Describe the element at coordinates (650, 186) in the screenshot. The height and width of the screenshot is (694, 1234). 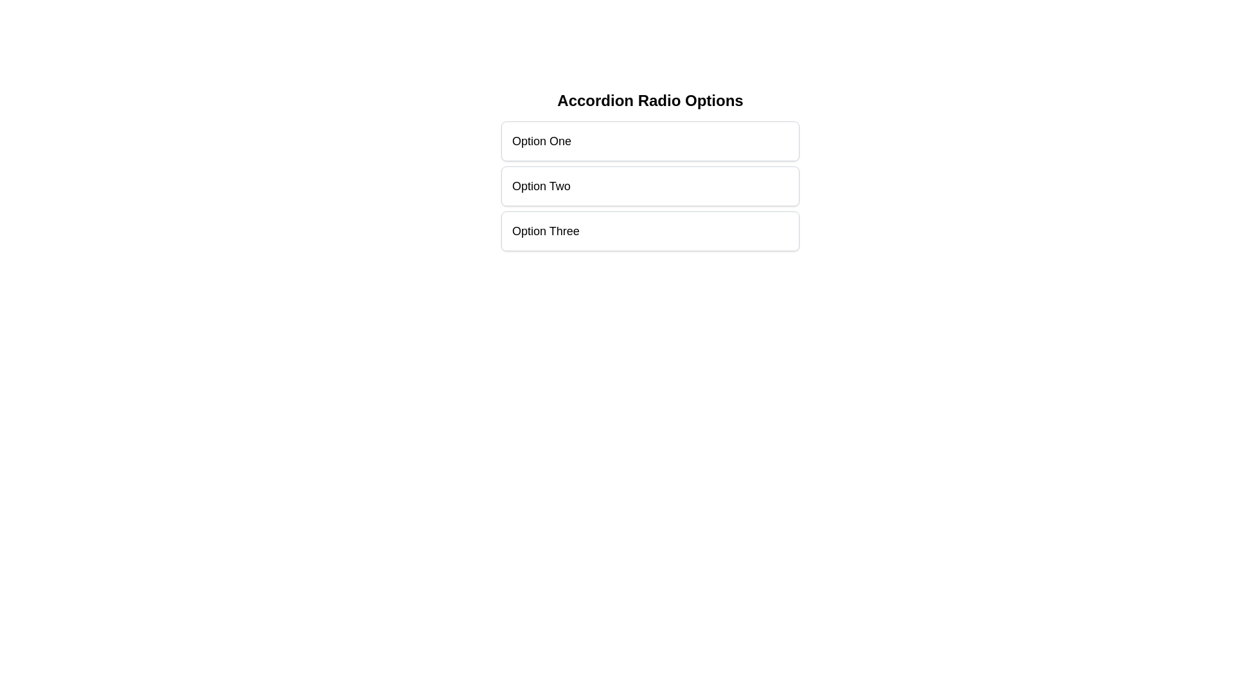
I see `the second option button in a vertically stacked group of three options` at that location.